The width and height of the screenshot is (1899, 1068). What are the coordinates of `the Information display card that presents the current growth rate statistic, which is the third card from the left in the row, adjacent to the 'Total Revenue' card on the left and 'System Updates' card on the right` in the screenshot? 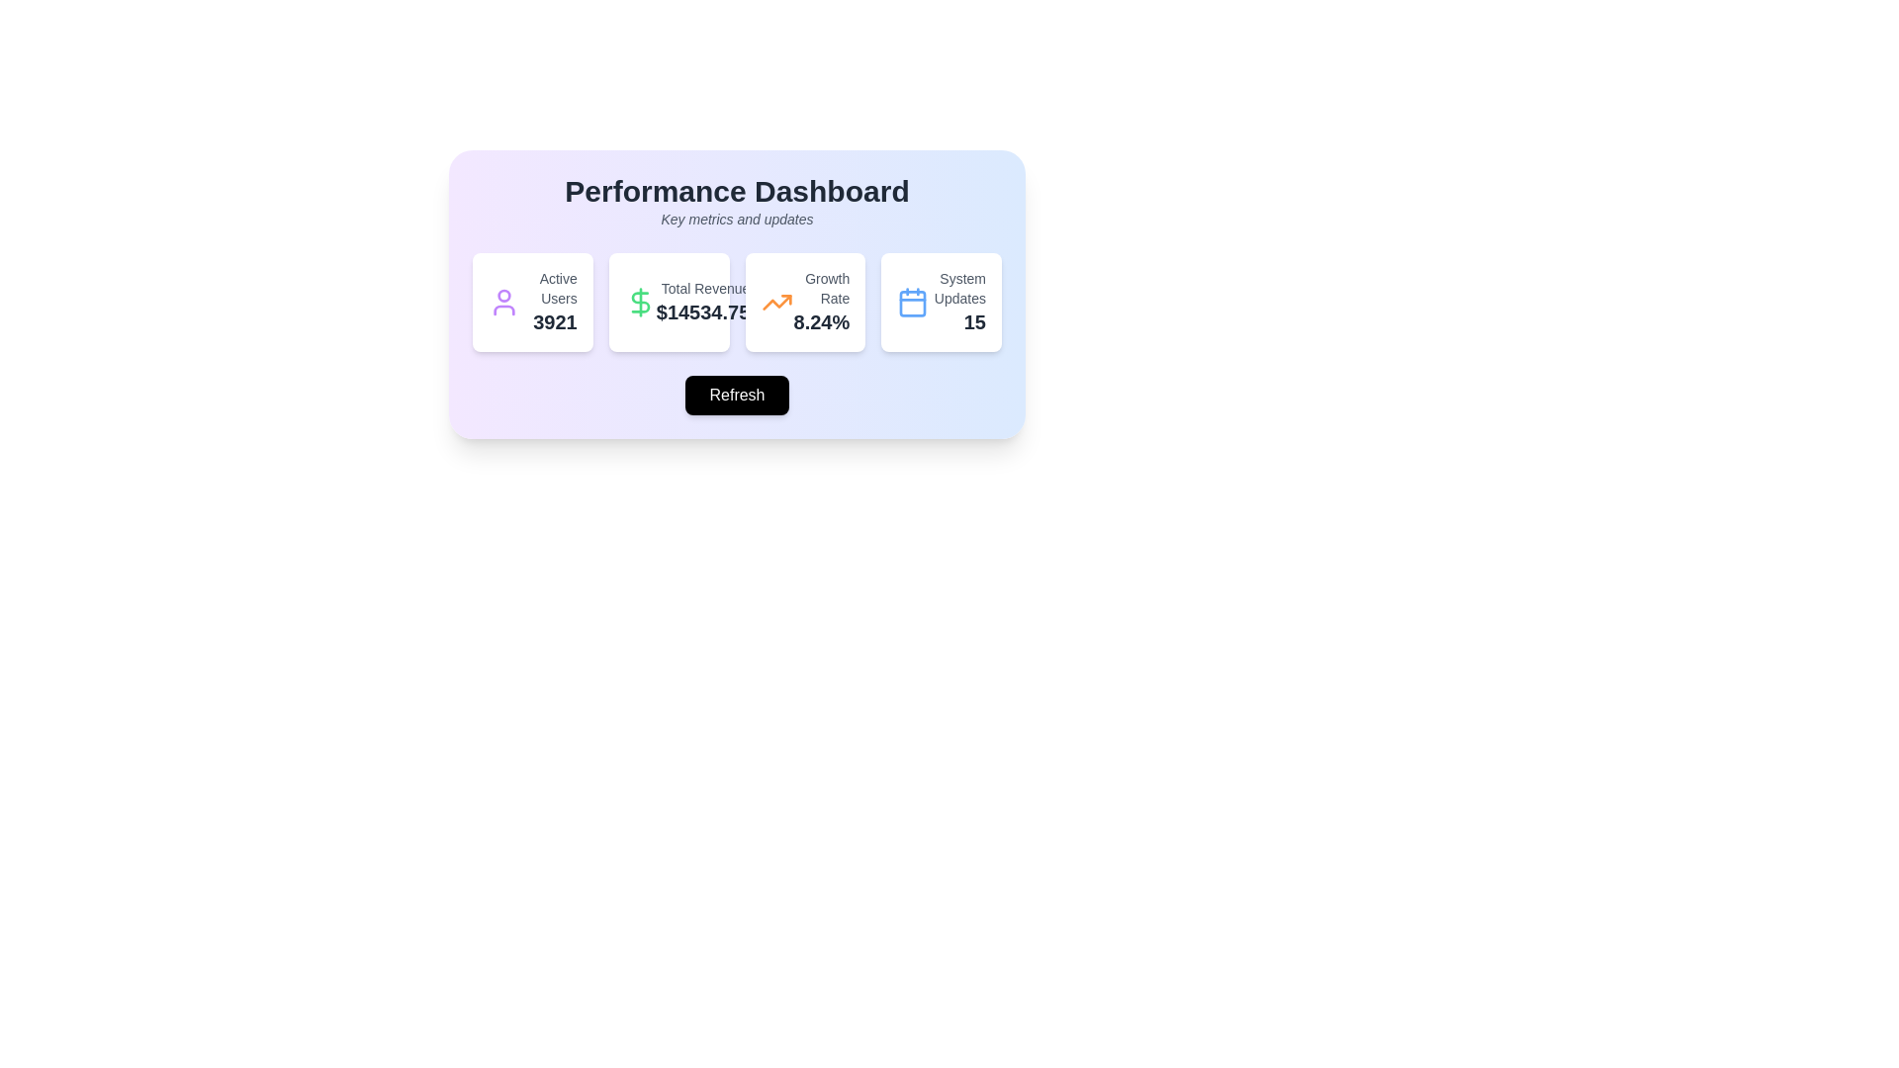 It's located at (805, 302).